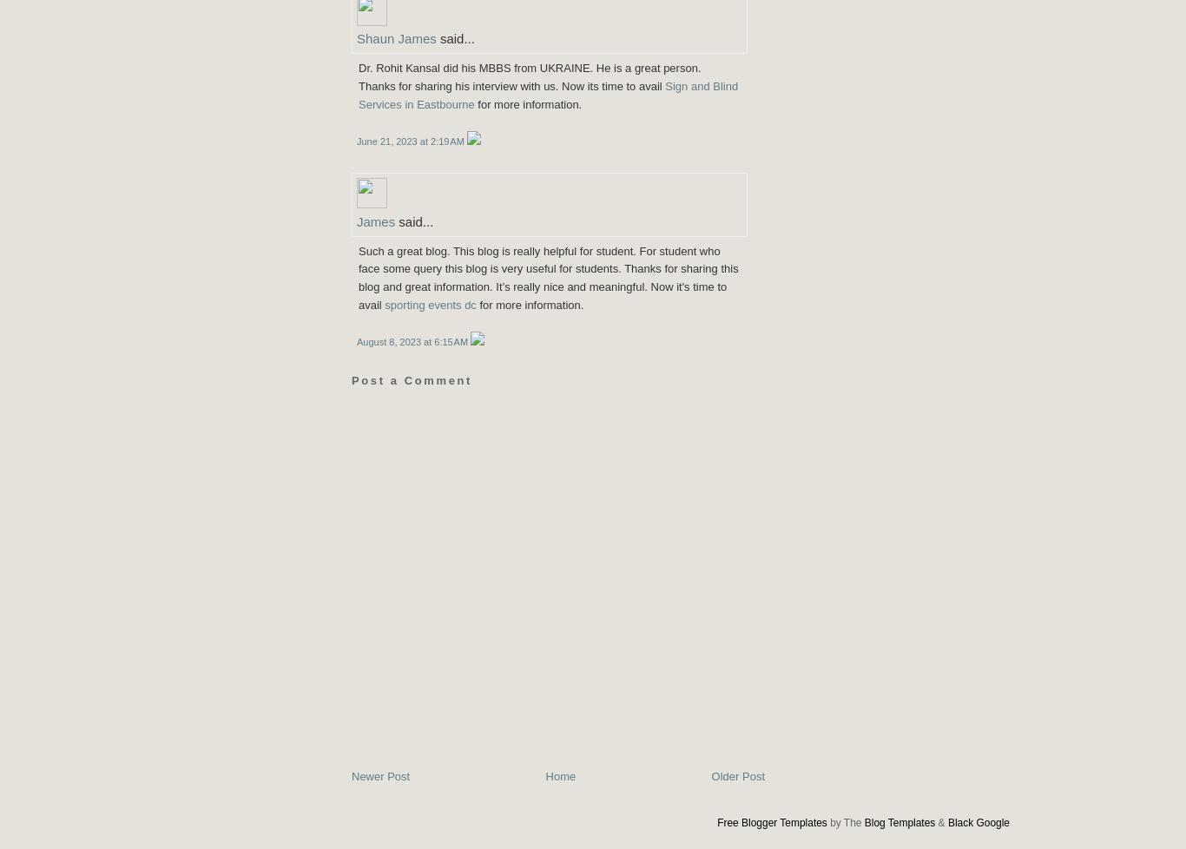 This screenshot has width=1186, height=849. I want to click on 'Older Post', so click(710, 775).